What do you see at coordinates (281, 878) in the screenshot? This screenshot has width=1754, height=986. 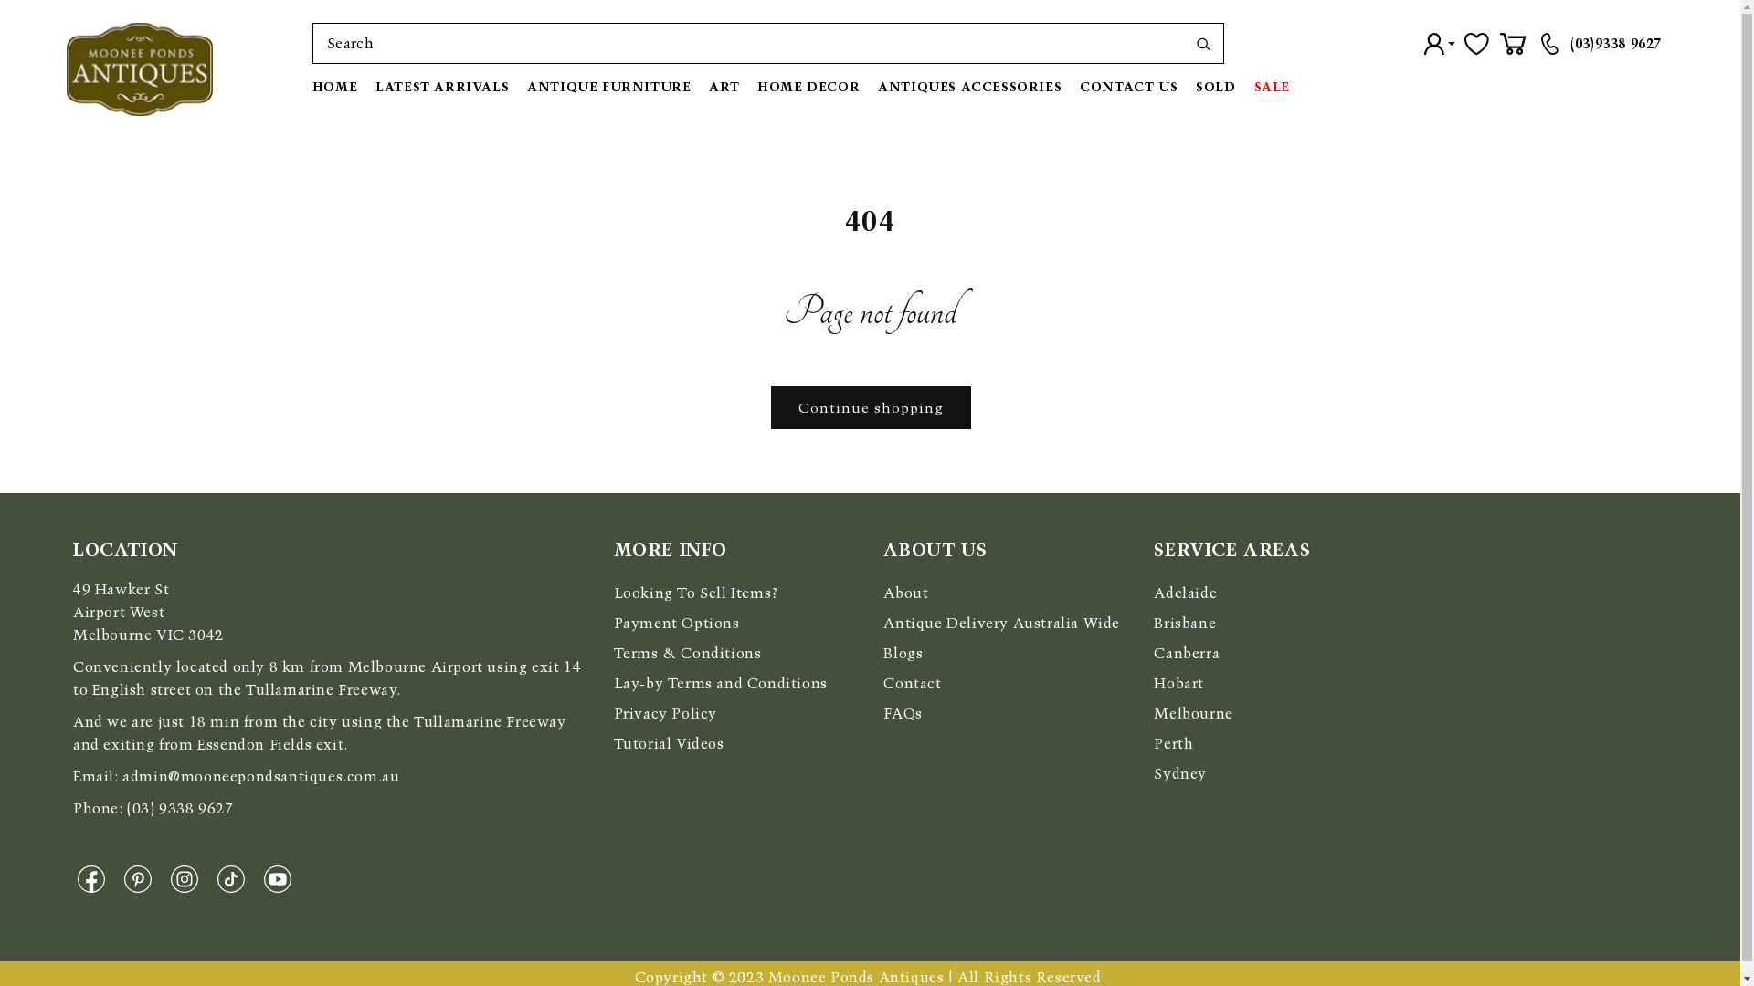 I see `'YouTube'` at bounding box center [281, 878].